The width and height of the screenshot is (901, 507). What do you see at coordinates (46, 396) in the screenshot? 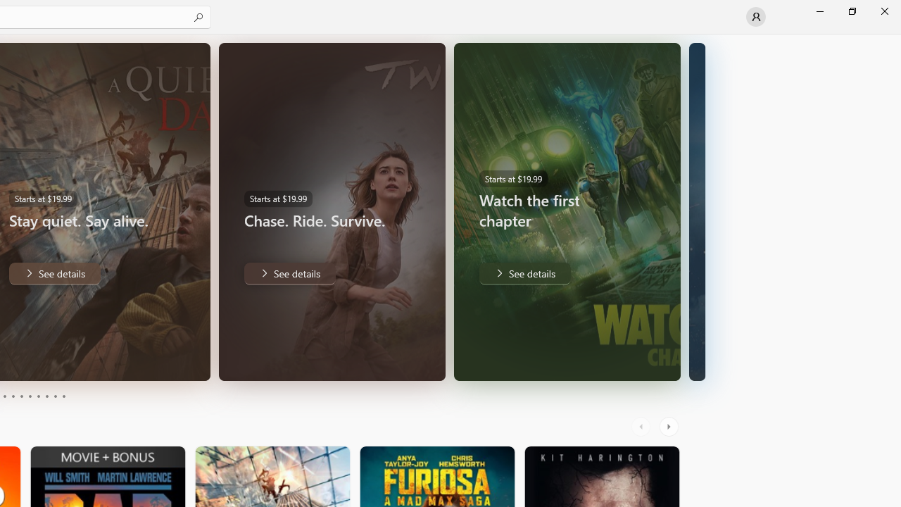
I see `'Page 8'` at bounding box center [46, 396].